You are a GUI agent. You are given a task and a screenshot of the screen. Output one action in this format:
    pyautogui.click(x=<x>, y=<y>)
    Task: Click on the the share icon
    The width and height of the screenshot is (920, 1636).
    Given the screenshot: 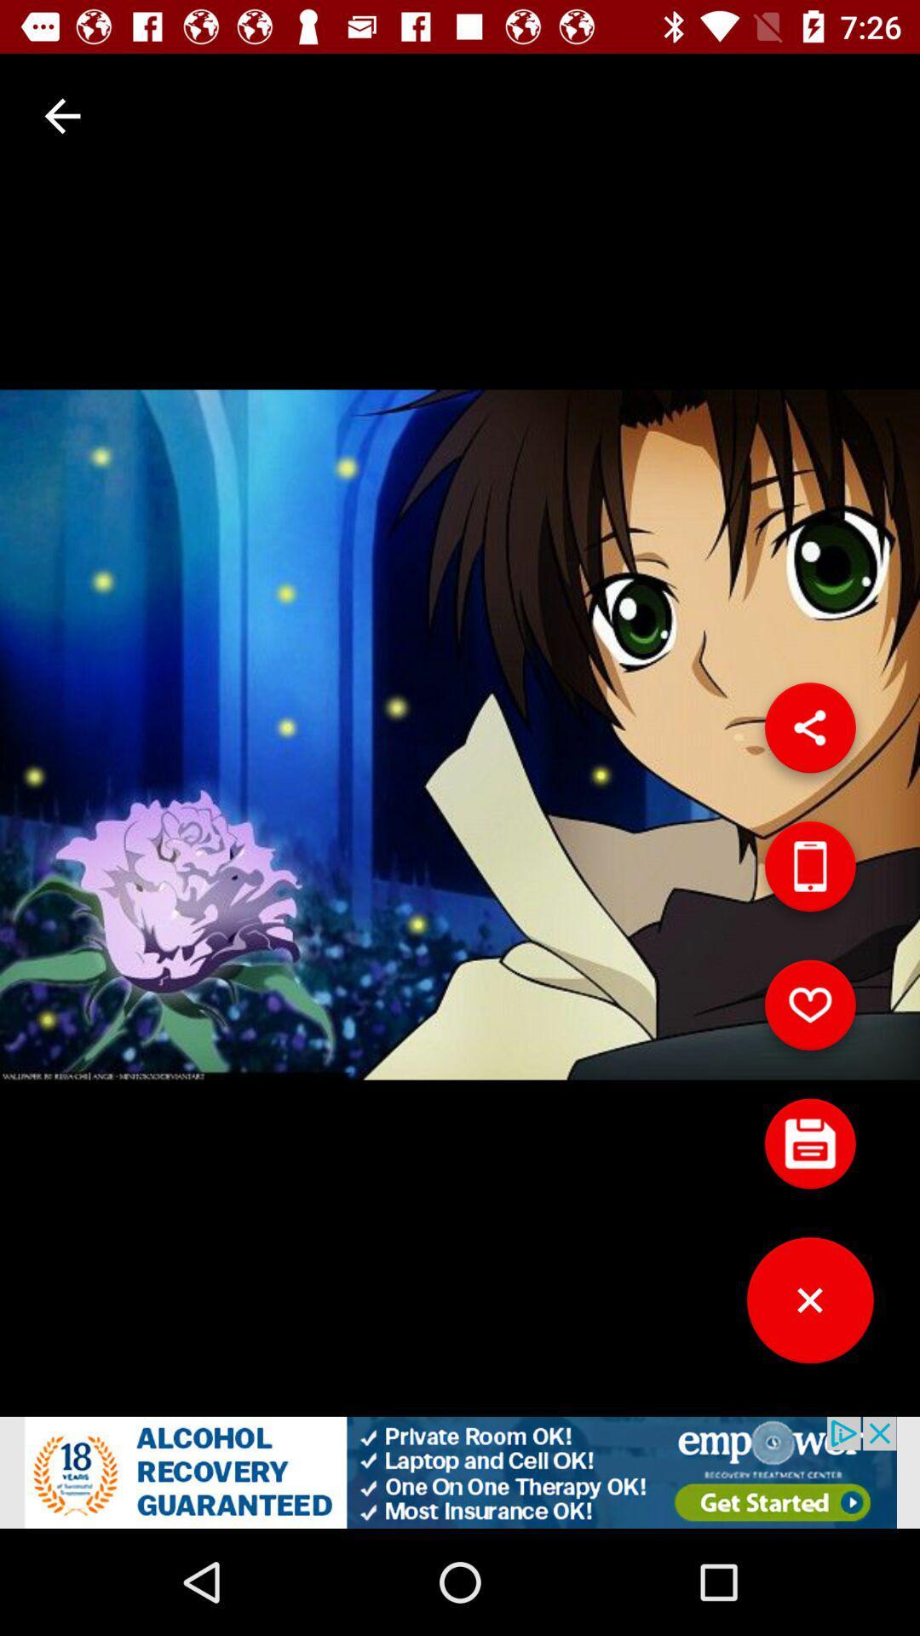 What is the action you would take?
    pyautogui.click(x=809, y=734)
    